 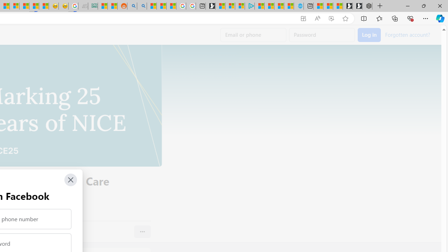 What do you see at coordinates (331, 18) in the screenshot?
I see `'Enhance video'` at bounding box center [331, 18].